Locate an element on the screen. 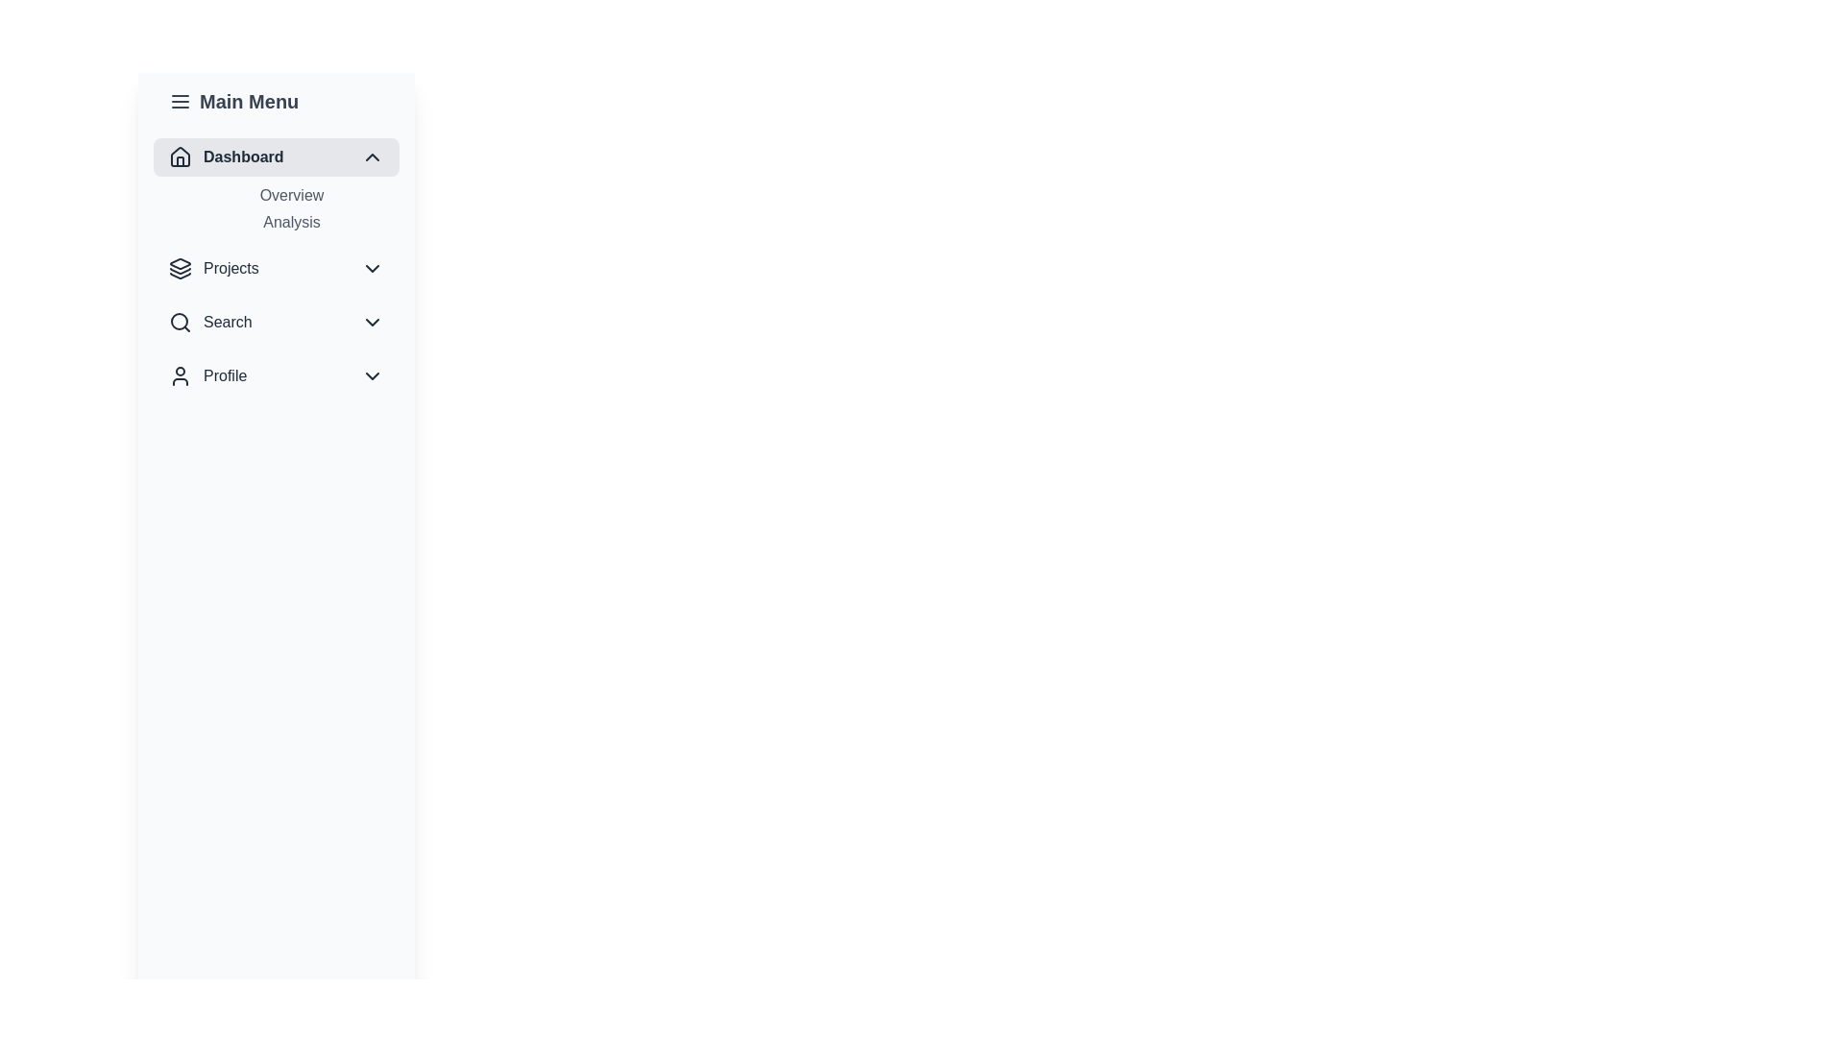 This screenshot has width=1844, height=1037. the house-shaped icon in the navigation menu, which is characterized by a simplistic outline design with a triangular roof and a door-like structure is located at coordinates (180, 155).